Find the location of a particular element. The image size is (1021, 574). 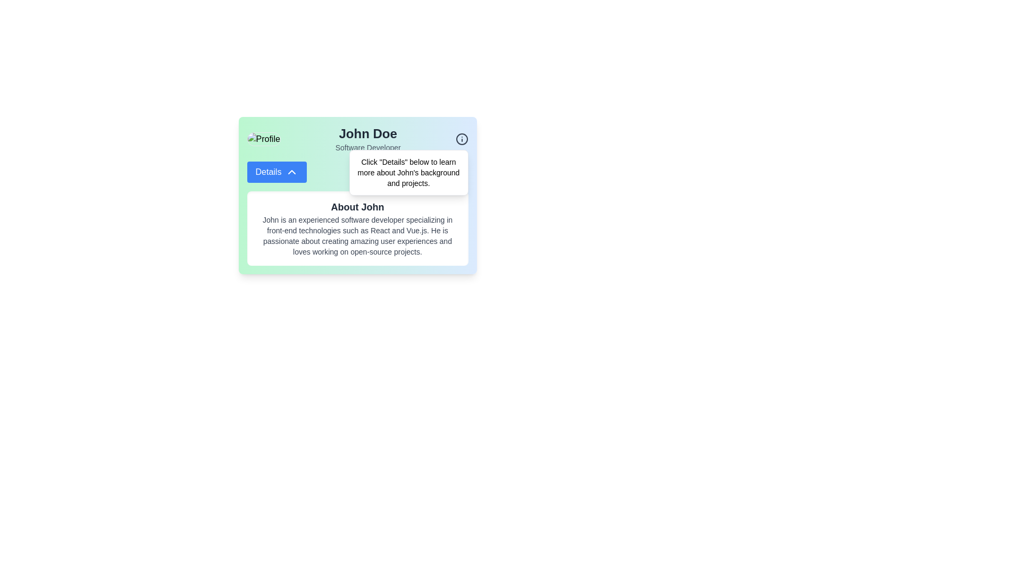

Text Label displaying the user's name, which is located at the top-center of the profile component, above the 'Software Developer' text is located at coordinates (368, 133).